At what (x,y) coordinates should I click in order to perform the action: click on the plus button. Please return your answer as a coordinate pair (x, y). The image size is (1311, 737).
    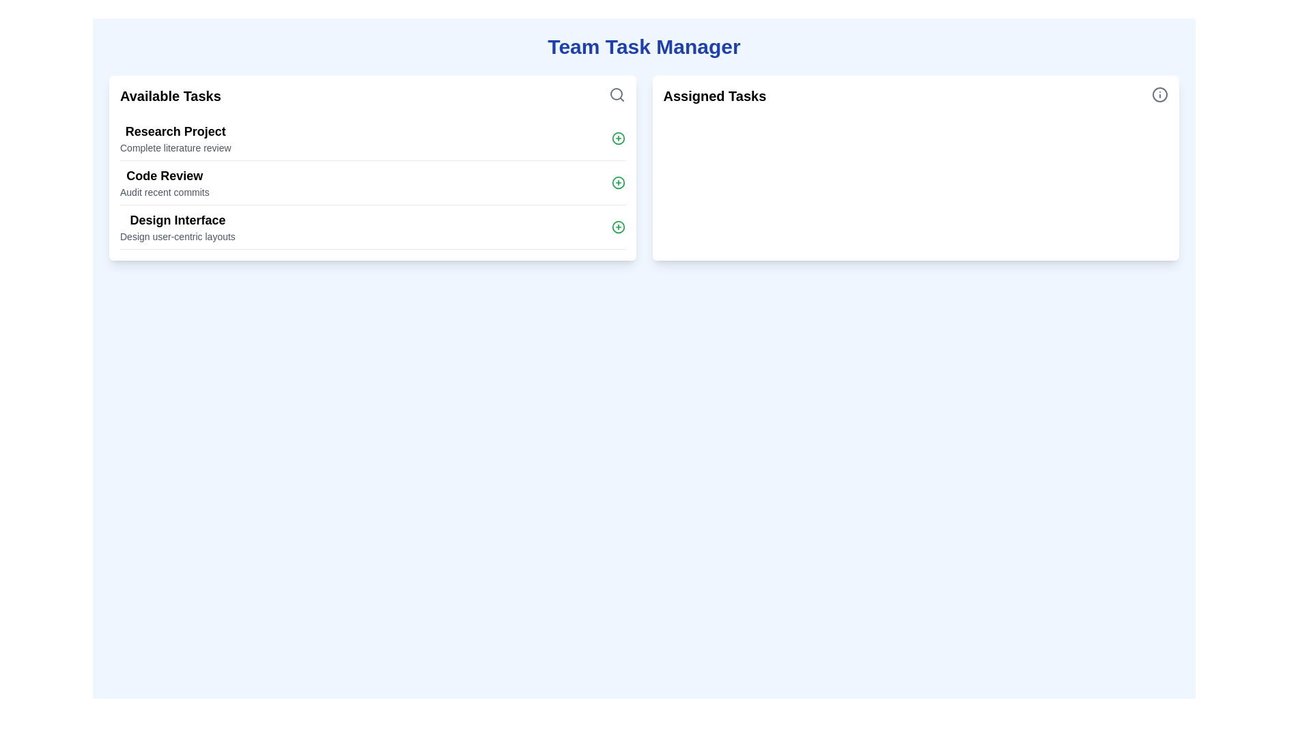
    Looking at the image, I should click on (372, 182).